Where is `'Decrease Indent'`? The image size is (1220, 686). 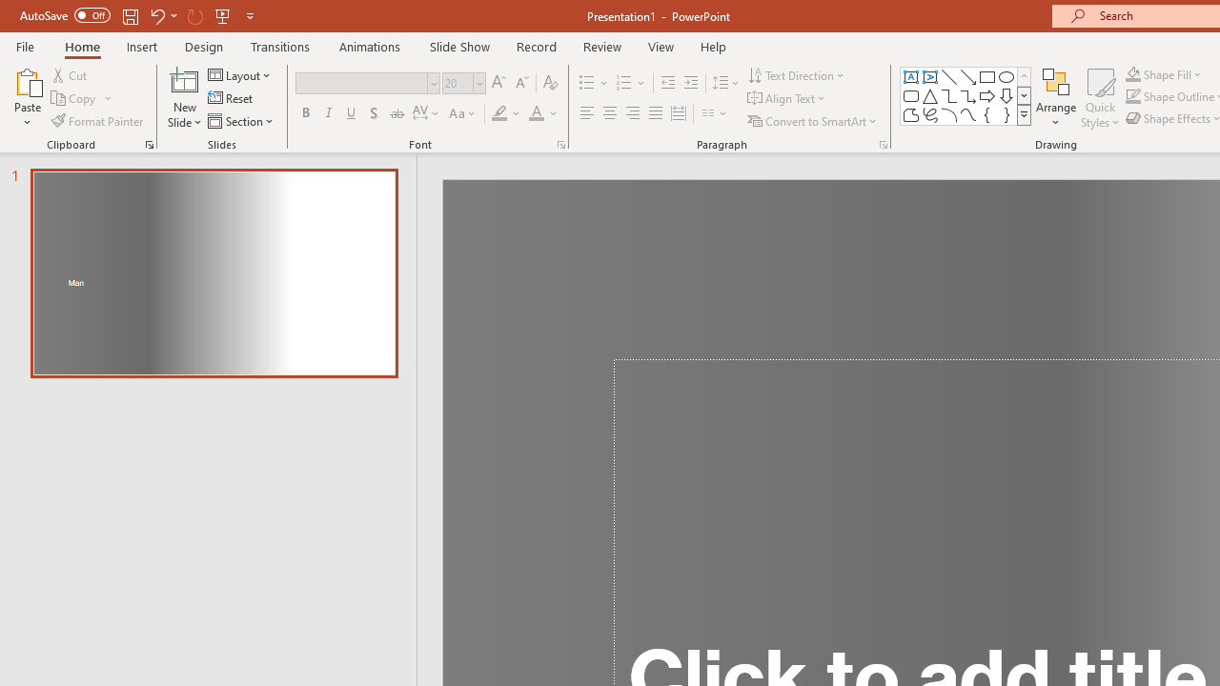
'Decrease Indent' is located at coordinates (667, 82).